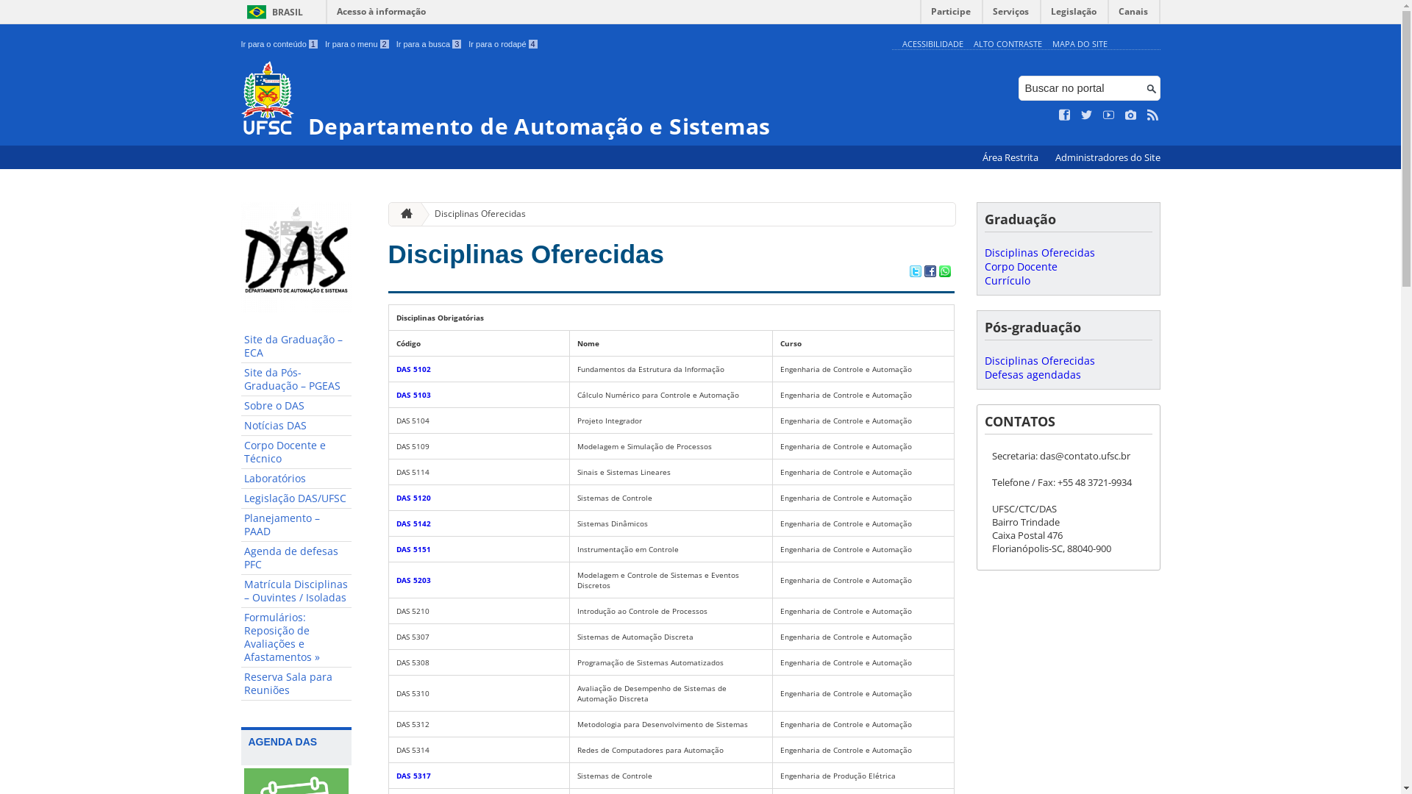 This screenshot has height=794, width=1412. What do you see at coordinates (928, 272) in the screenshot?
I see `'Compartilhar no Facebook'` at bounding box center [928, 272].